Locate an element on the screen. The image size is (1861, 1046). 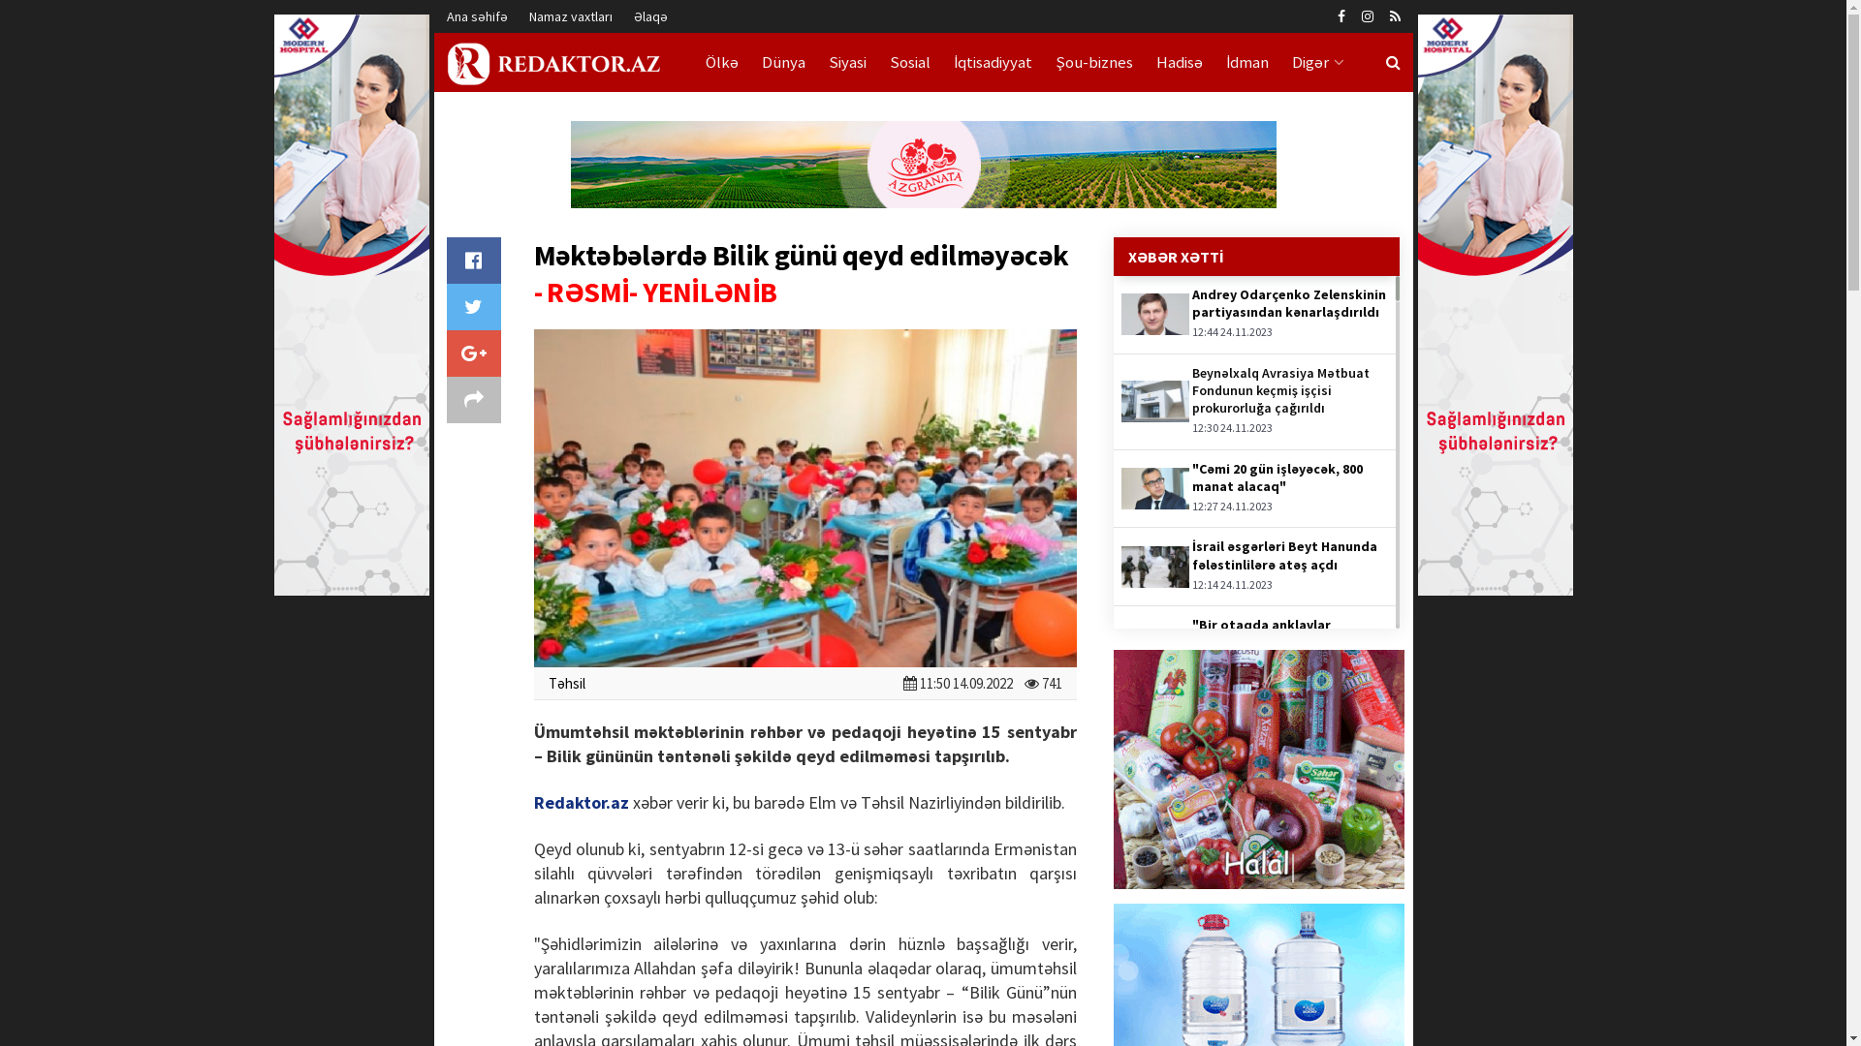
'Sosial' is located at coordinates (909, 61).